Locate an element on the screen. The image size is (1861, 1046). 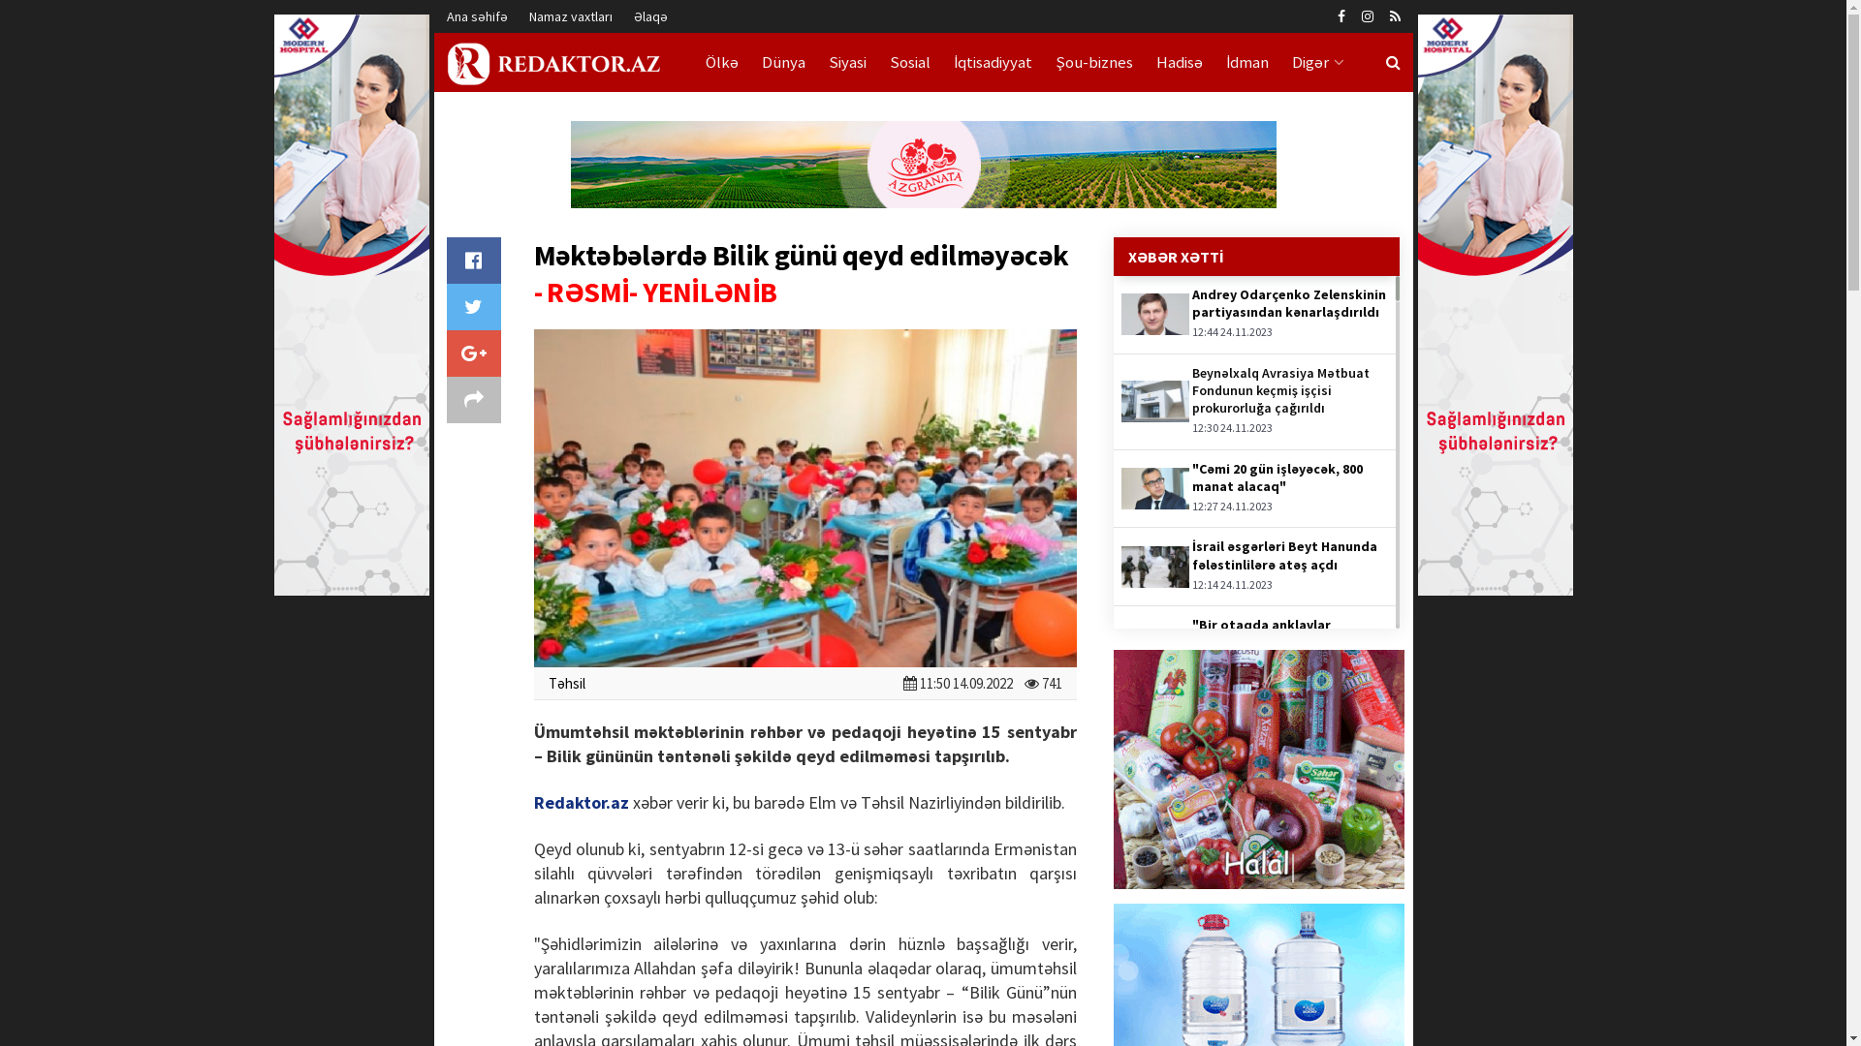
'Sosial' is located at coordinates (909, 61).